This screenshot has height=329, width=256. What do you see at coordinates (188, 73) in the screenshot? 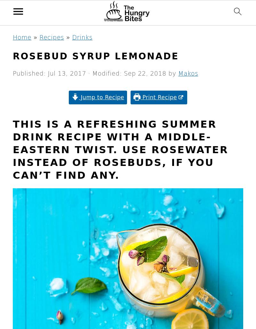
I see `'Makos'` at bounding box center [188, 73].